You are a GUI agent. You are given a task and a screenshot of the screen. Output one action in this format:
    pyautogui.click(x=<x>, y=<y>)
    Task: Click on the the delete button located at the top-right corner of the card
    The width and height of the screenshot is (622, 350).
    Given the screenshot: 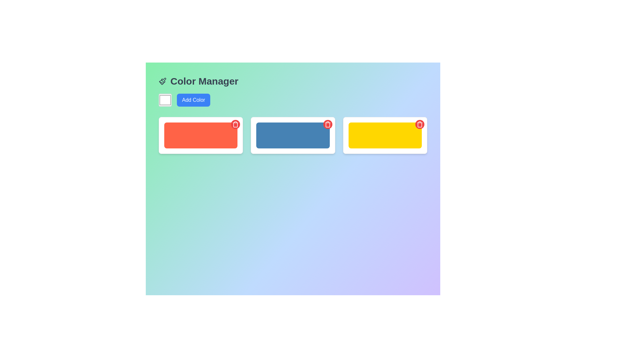 What is the action you would take?
    pyautogui.click(x=235, y=124)
    